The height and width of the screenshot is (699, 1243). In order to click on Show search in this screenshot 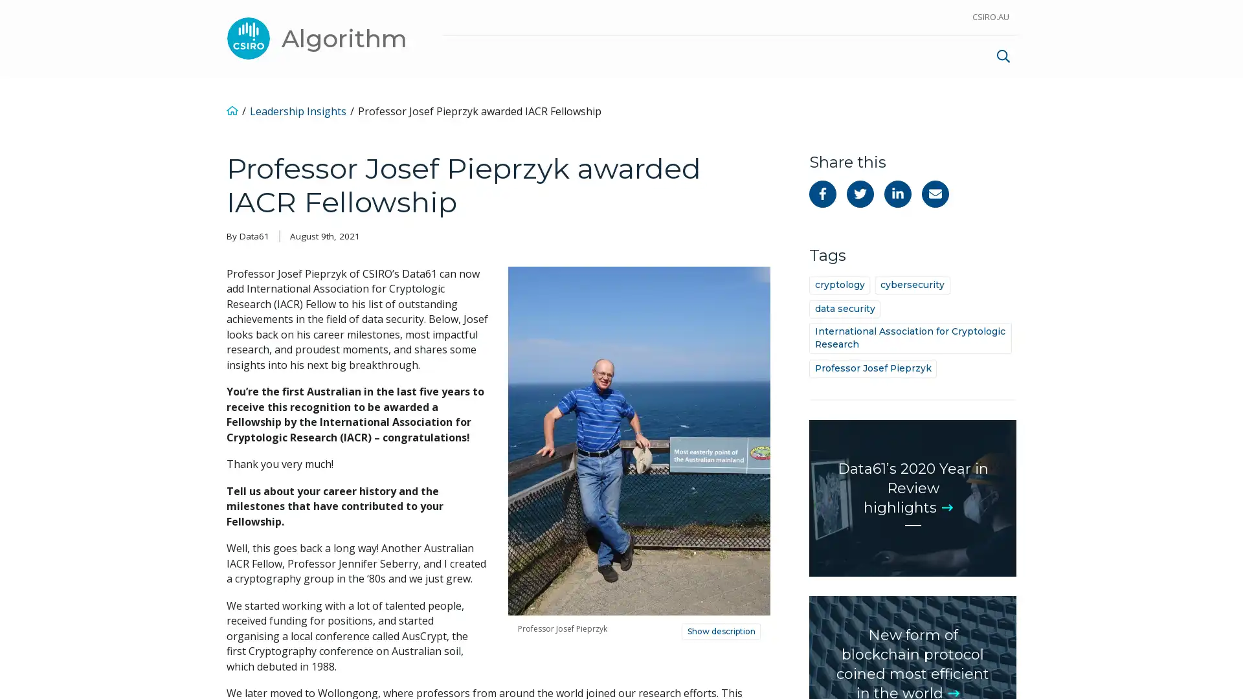, I will do `click(1003, 54)`.